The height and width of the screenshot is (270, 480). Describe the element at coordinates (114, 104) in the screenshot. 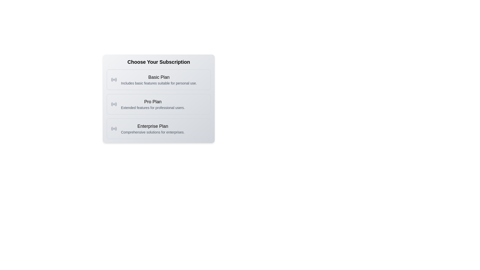

I see `the circular radio transmitter icon located to the left of the 'Pro Plan' label in the subscription selection list` at that location.